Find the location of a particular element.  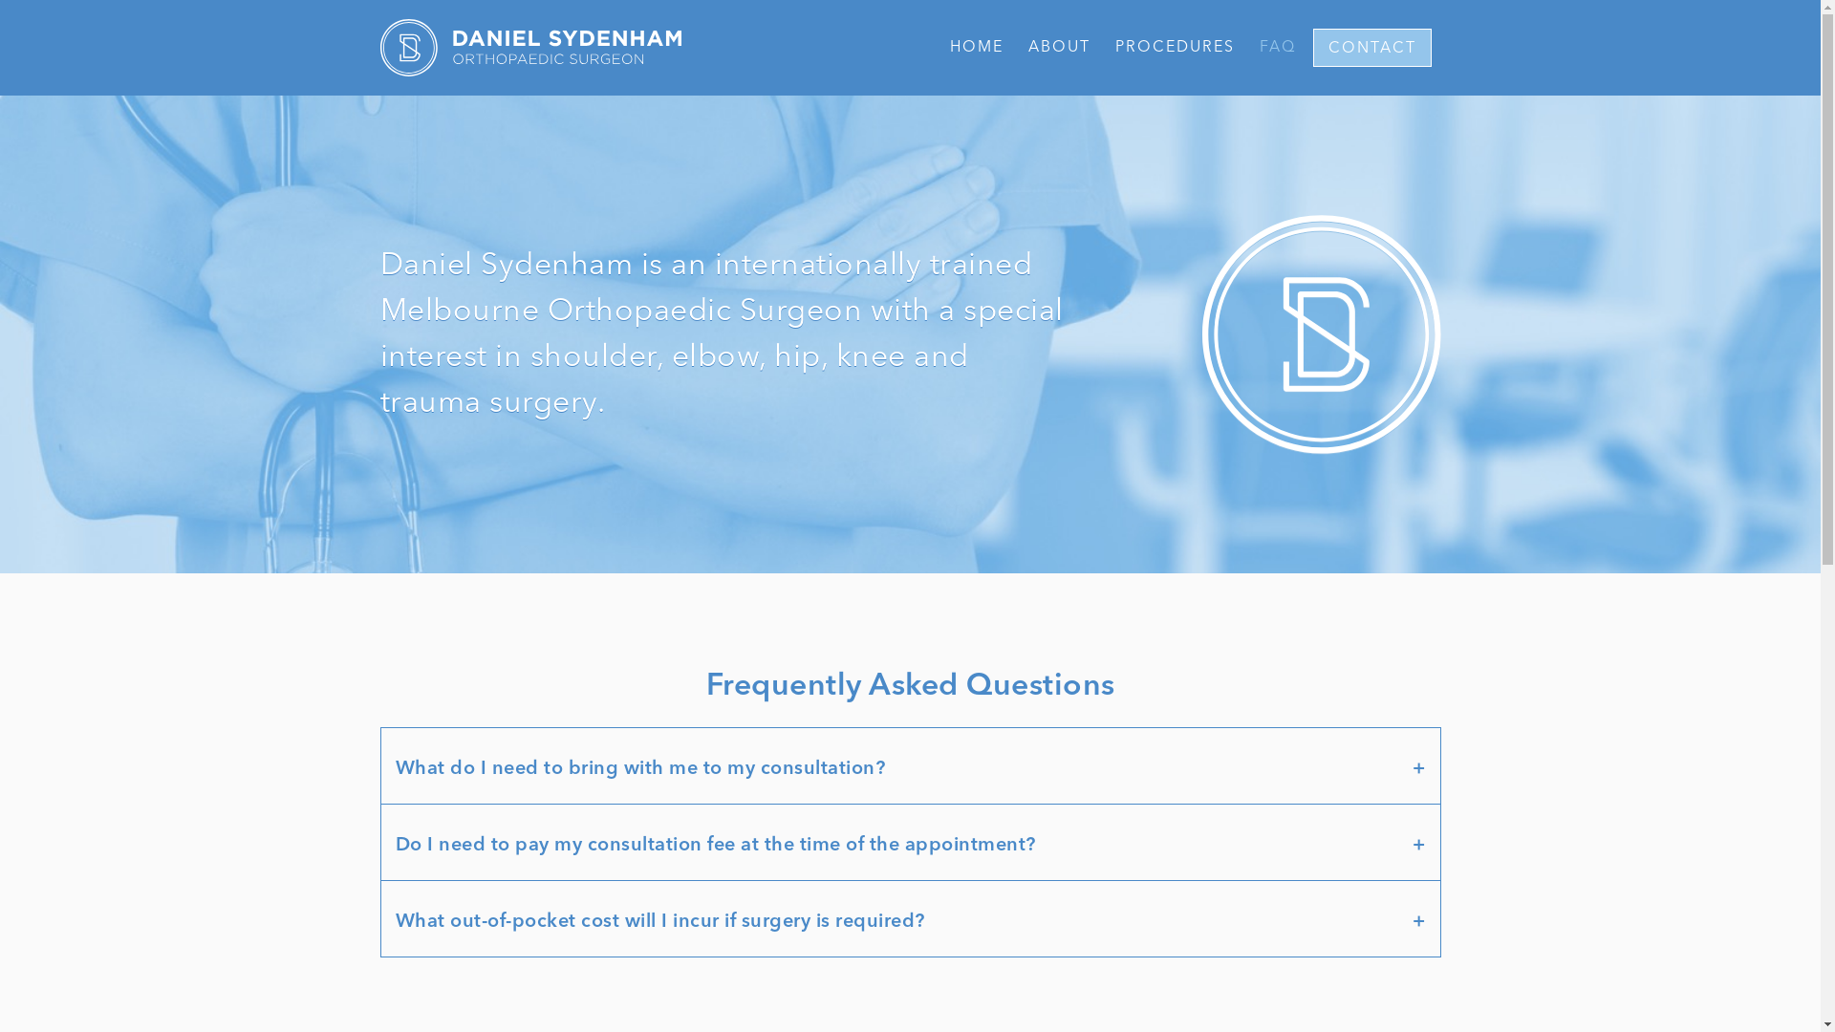

'FAQ' is located at coordinates (1278, 47).